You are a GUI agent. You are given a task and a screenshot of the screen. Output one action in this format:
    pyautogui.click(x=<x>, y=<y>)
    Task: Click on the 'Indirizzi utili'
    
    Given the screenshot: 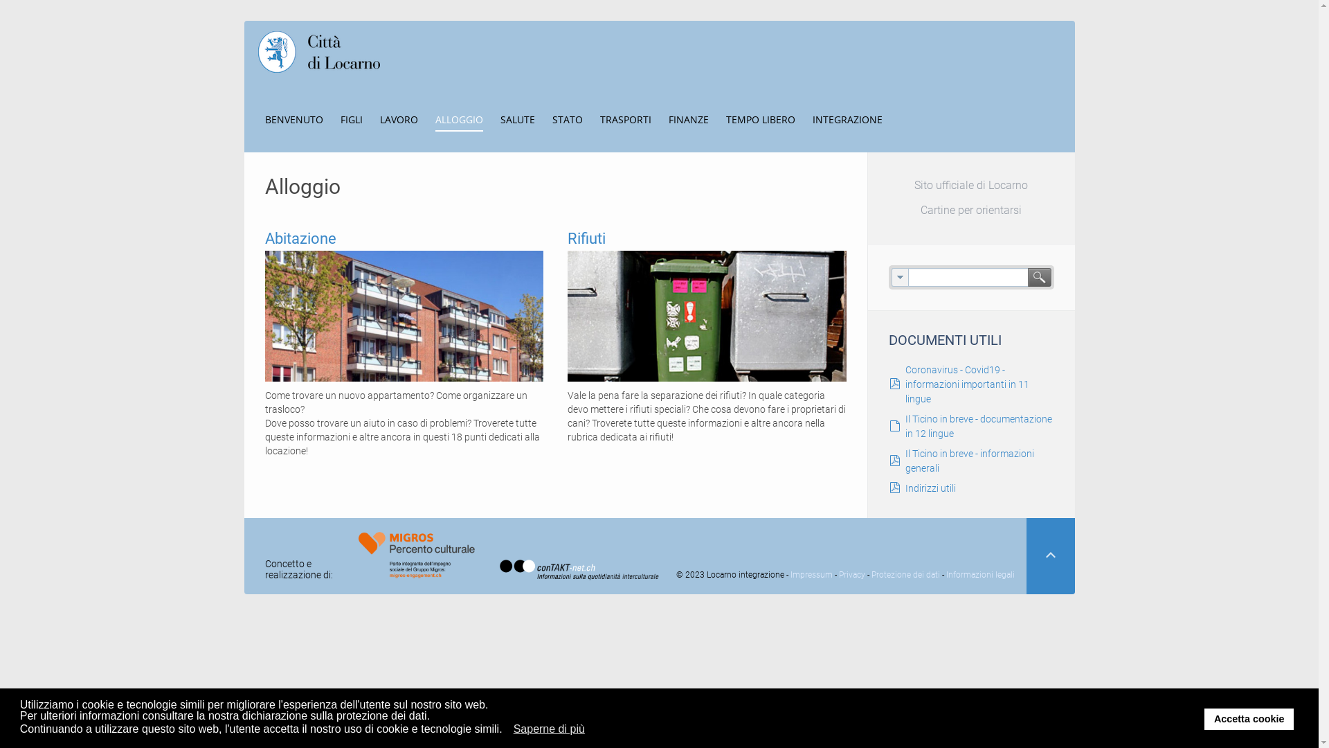 What is the action you would take?
    pyautogui.click(x=930, y=488)
    